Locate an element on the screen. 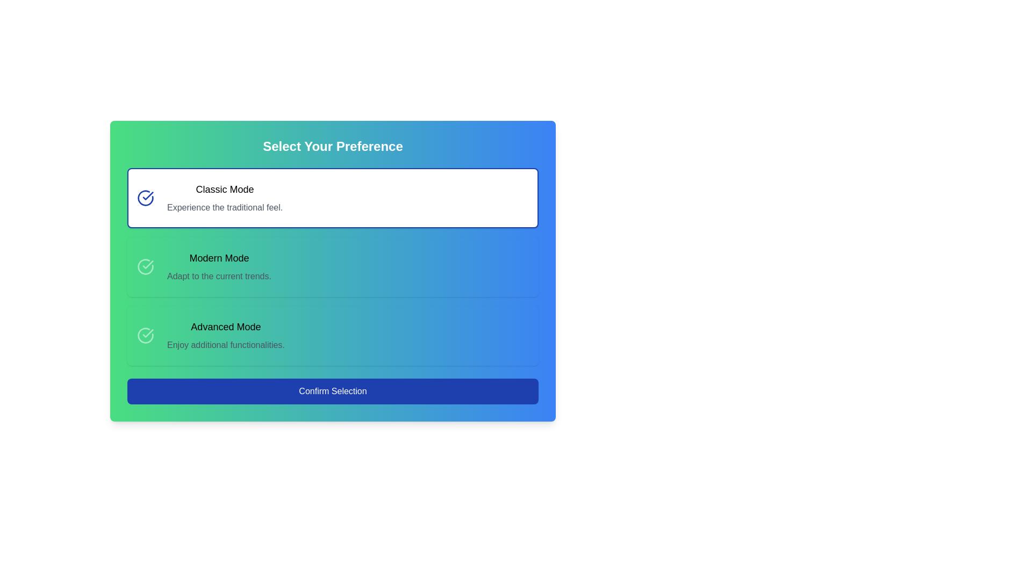 This screenshot has height=580, width=1032. the text label displaying 'Enjoy additional functionalities.' which is positioned beneath the 'Advanced Mode' heading in the third option block is located at coordinates (225, 345).